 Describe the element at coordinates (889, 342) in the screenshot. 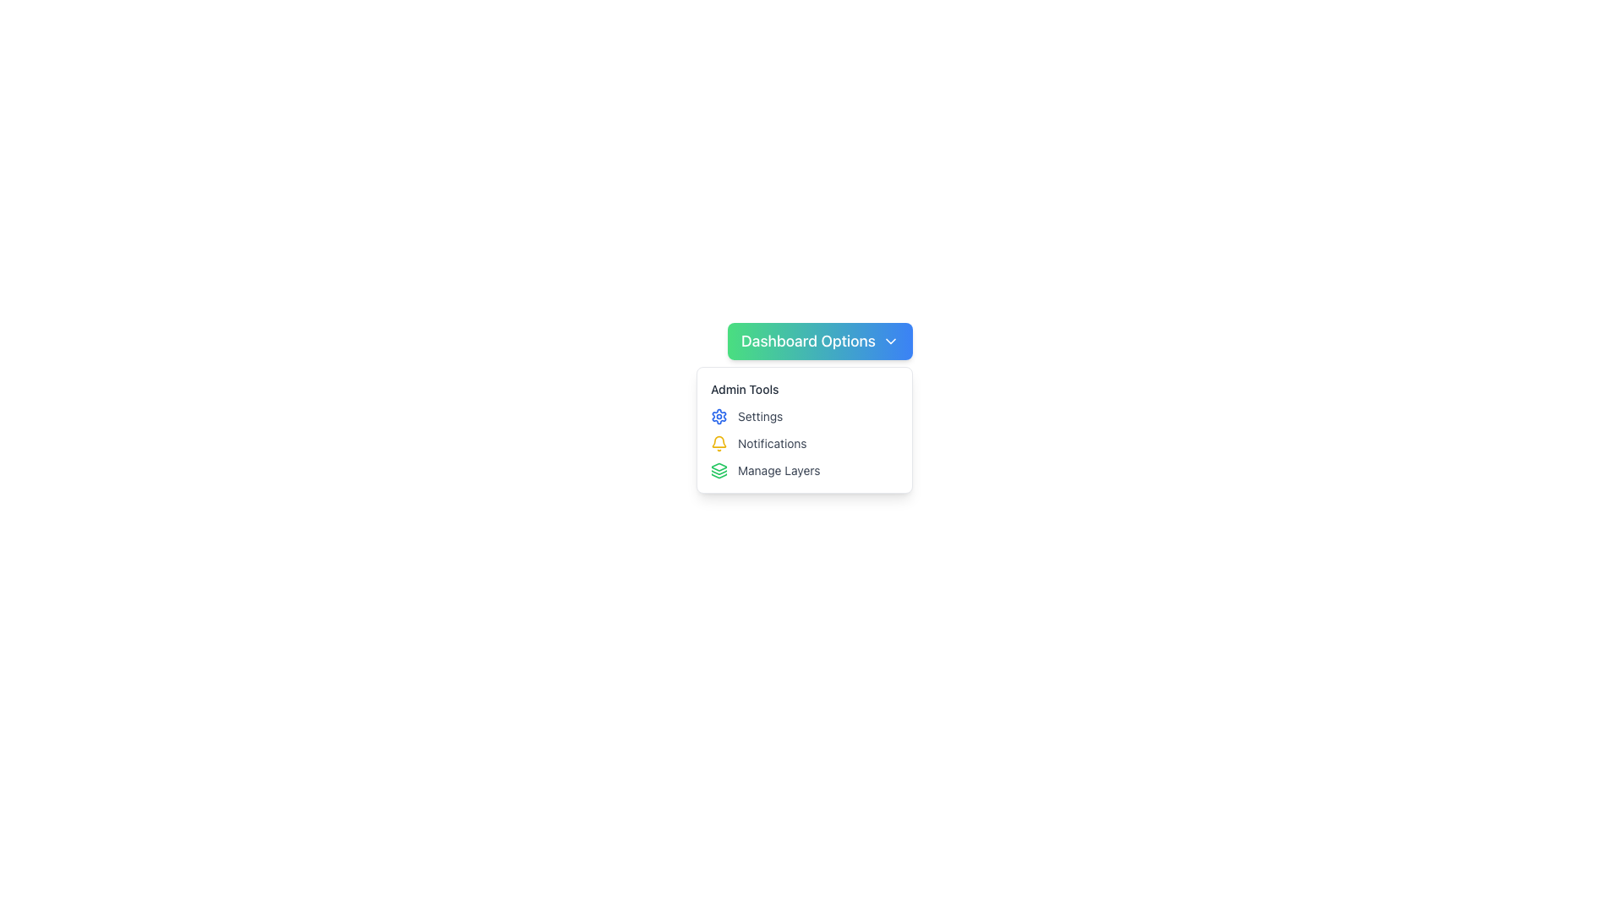

I see `the chevron icon located at the right end of the 'Dashboard Options' button` at that location.